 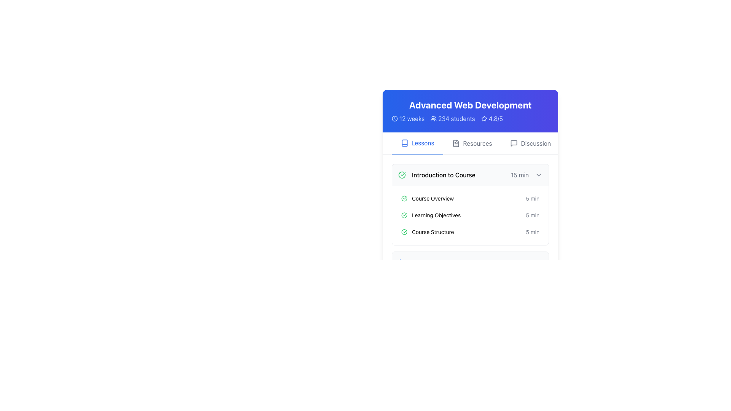 What do you see at coordinates (470, 186) in the screenshot?
I see `the dropdown marker in the course overview panel` at bounding box center [470, 186].